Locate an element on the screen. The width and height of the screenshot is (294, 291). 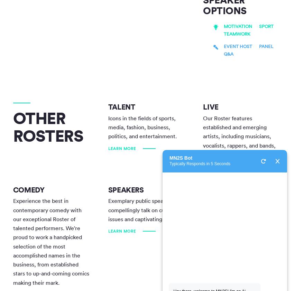
'Our repertoire boasts international tours of the world's most sought-after event brands. Partner with us and embark on a journey your audience won't forget.' is located at coordinates (239, 223).